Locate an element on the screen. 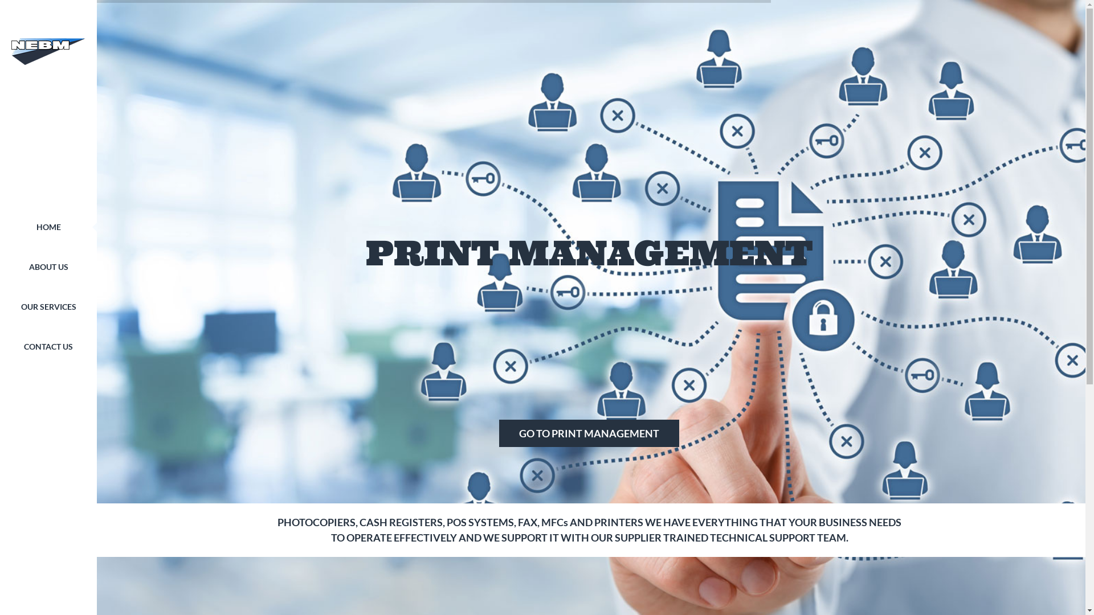  'CONTACT US' is located at coordinates (48, 346).